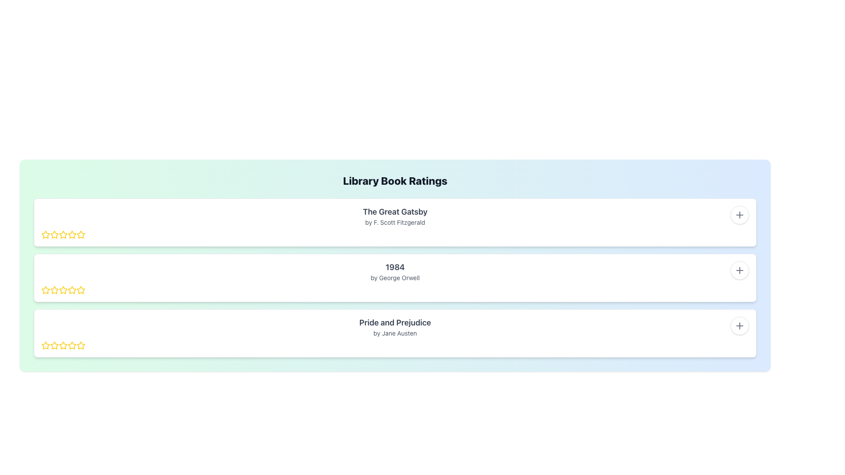  I want to click on the third star icon, so click(54, 290).